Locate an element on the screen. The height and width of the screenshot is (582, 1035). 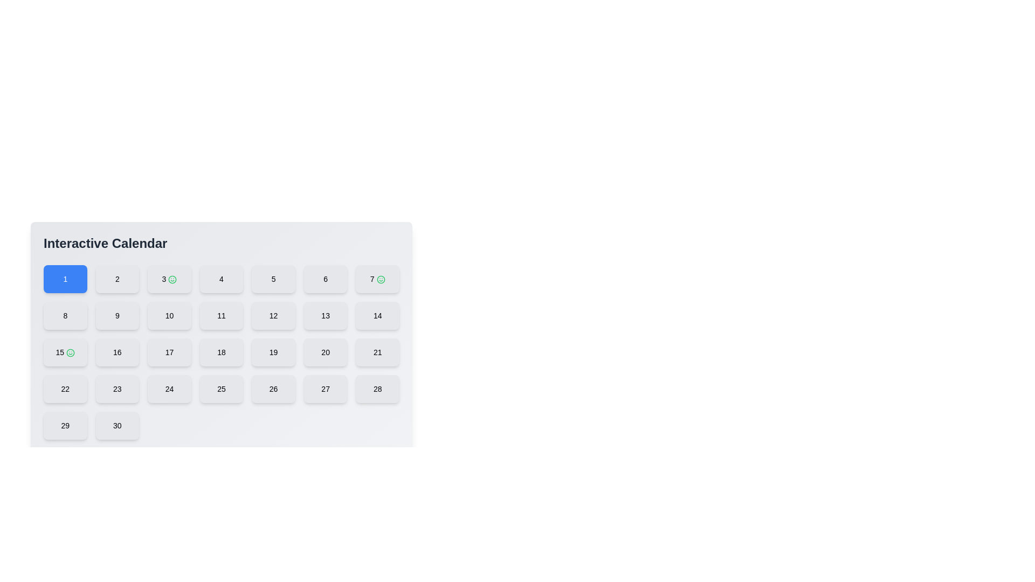
the button representing the 15th date in the interactive calendar is located at coordinates (65, 352).